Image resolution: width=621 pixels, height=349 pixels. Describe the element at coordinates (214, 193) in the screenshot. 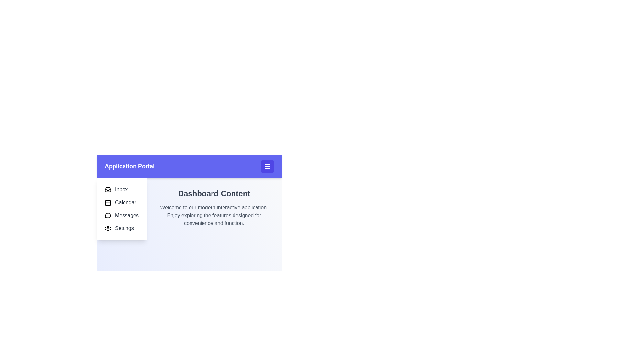

I see `the Header Text element that introduces the content of the dashboard section titled 'Application Portal'` at that location.